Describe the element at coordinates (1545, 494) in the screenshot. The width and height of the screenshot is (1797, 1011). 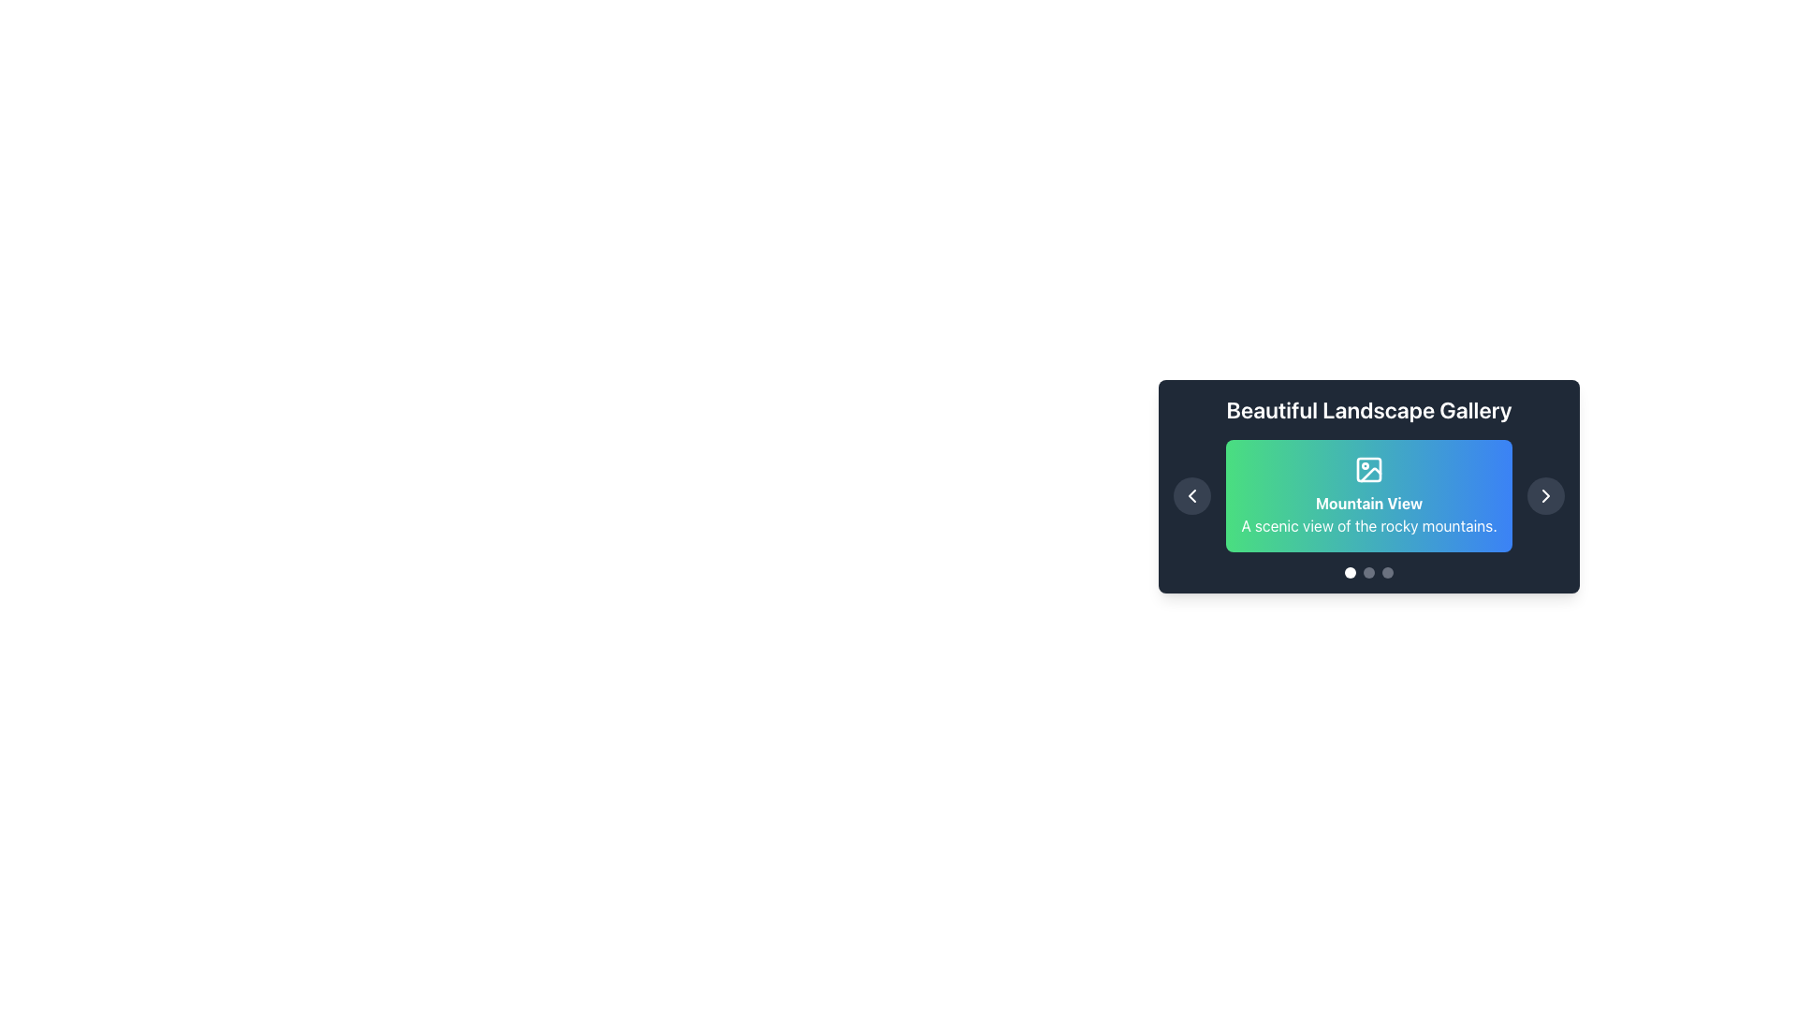
I see `the circular navigation button with a dark gray background and a rightward-pointing chevron icon to trigger the hover effect` at that location.